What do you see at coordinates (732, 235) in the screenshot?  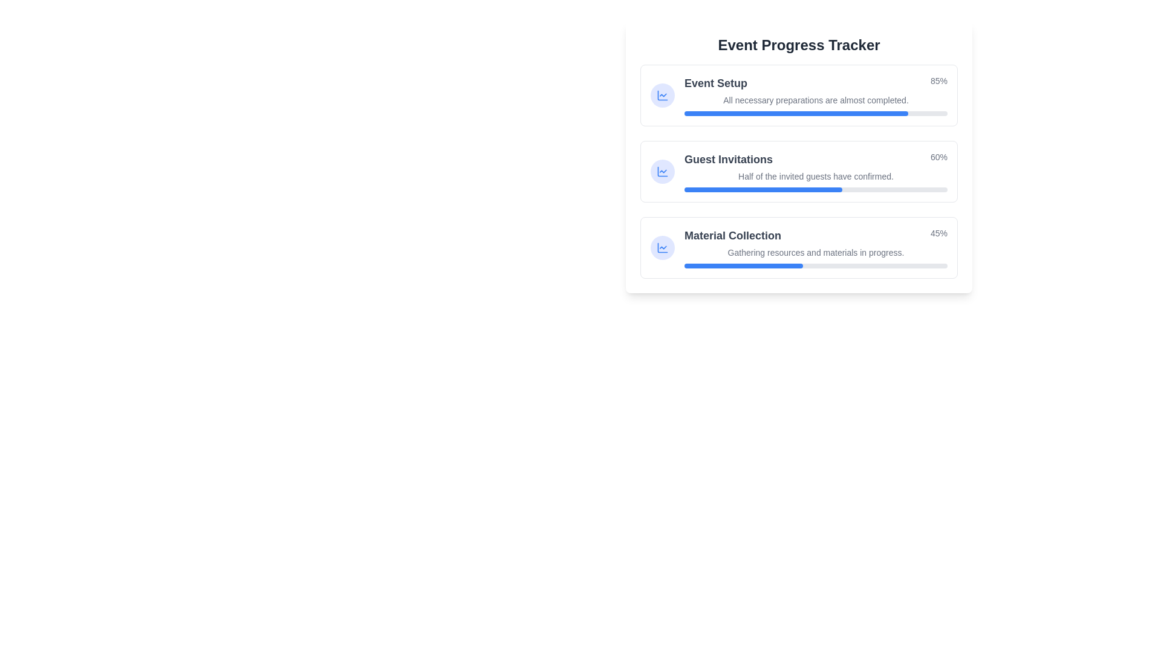 I see `text label that serves as the title for the third progress tracker row, located in the center-left above the progress bar and next to a '45%' indicator` at bounding box center [732, 235].